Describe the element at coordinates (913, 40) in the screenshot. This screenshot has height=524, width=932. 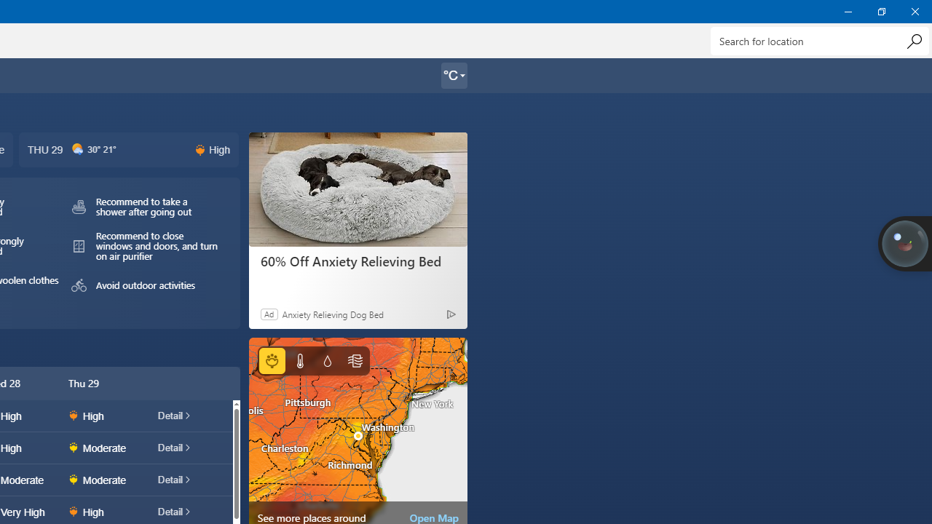
I see `'Search'` at that location.